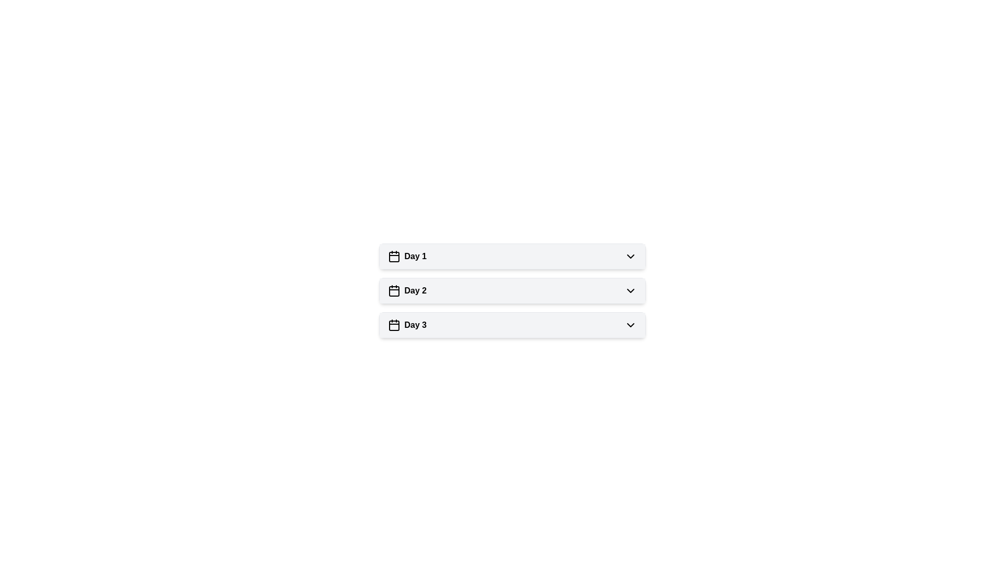 This screenshot has width=1000, height=562. What do you see at coordinates (393, 325) in the screenshot?
I see `the calendar icon for 'Day 3' located in the third row of the vertical list of items` at bounding box center [393, 325].